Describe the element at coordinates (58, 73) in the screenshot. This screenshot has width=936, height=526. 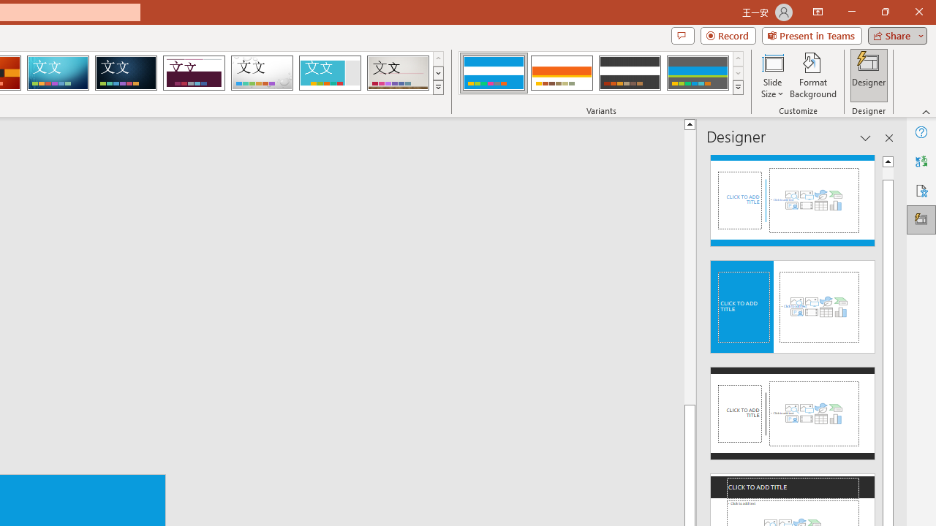
I see `'Circuit'` at that location.